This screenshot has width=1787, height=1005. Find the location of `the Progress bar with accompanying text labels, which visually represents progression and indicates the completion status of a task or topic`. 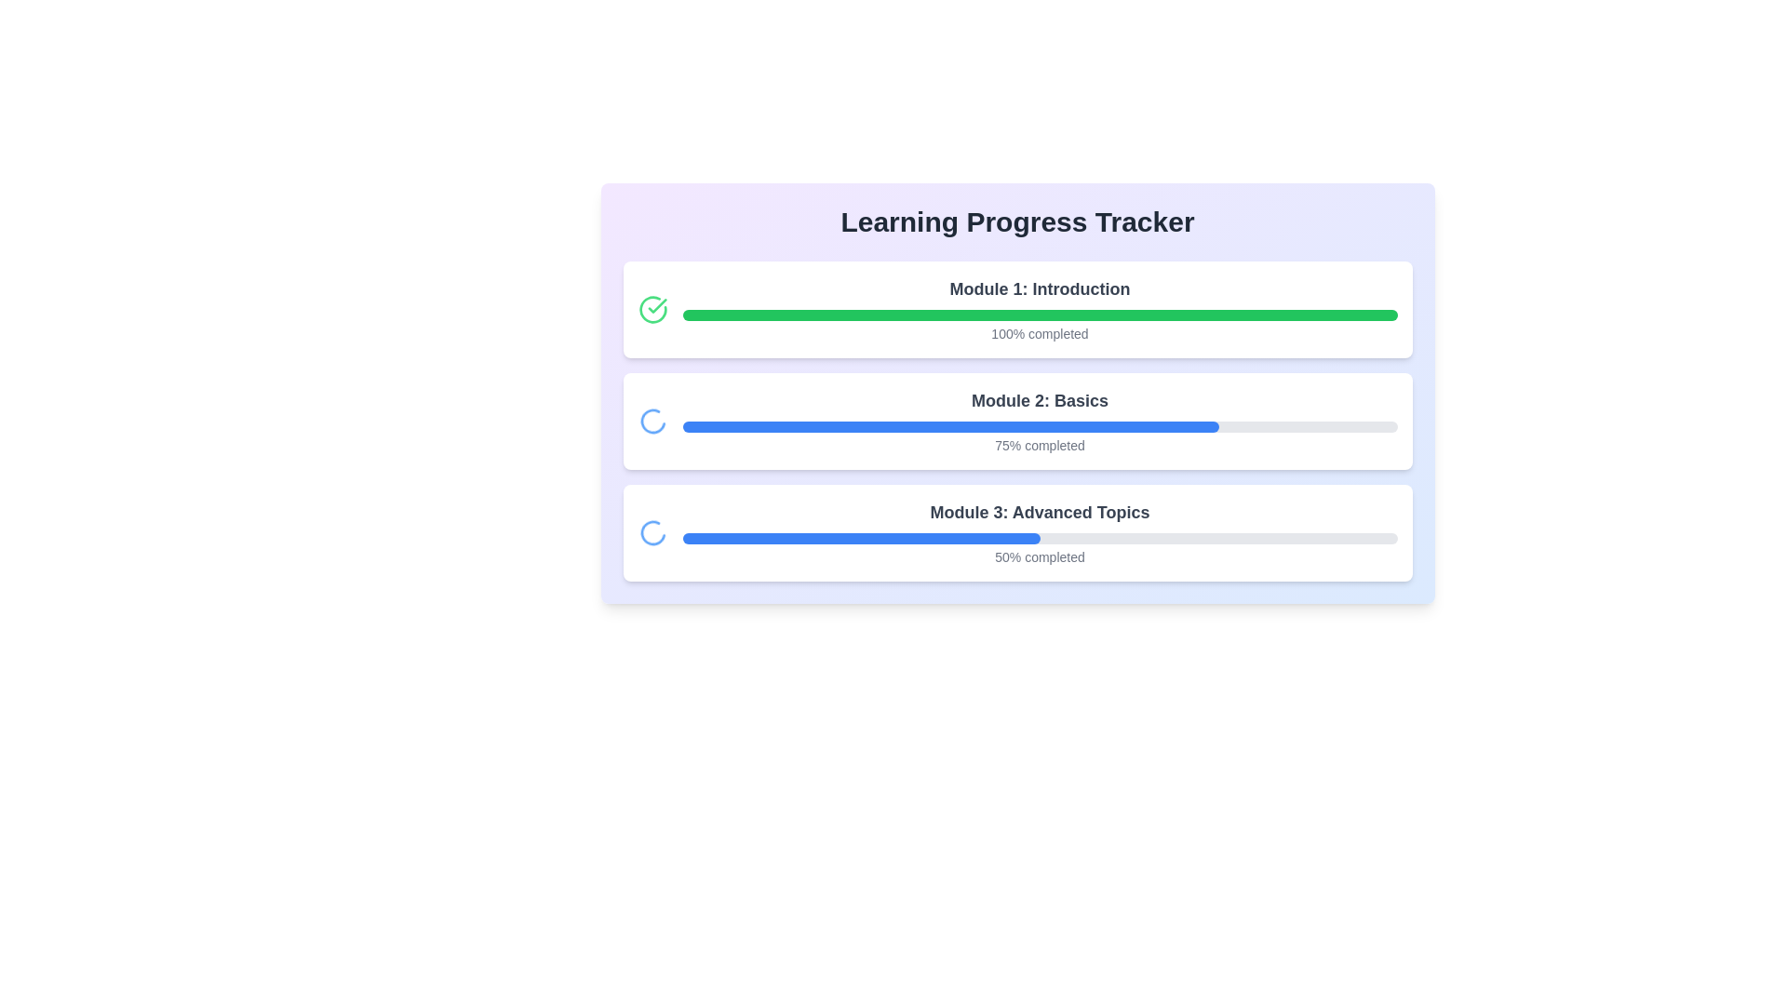

the Progress bar with accompanying text labels, which visually represents progression and indicates the completion status of a task or topic is located at coordinates (1039, 533).